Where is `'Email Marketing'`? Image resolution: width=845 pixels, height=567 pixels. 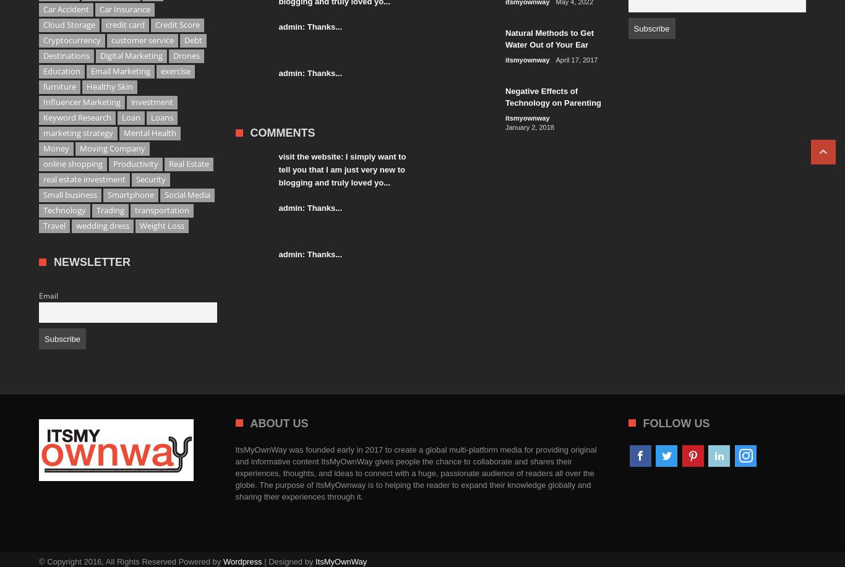 'Email Marketing' is located at coordinates (120, 70).